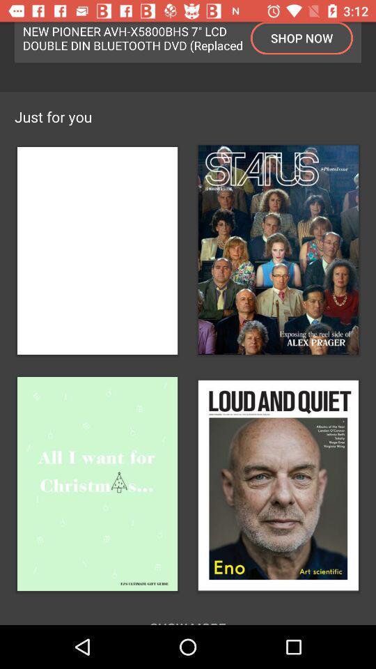  Describe the element at coordinates (301, 37) in the screenshot. I see `shop now item` at that location.